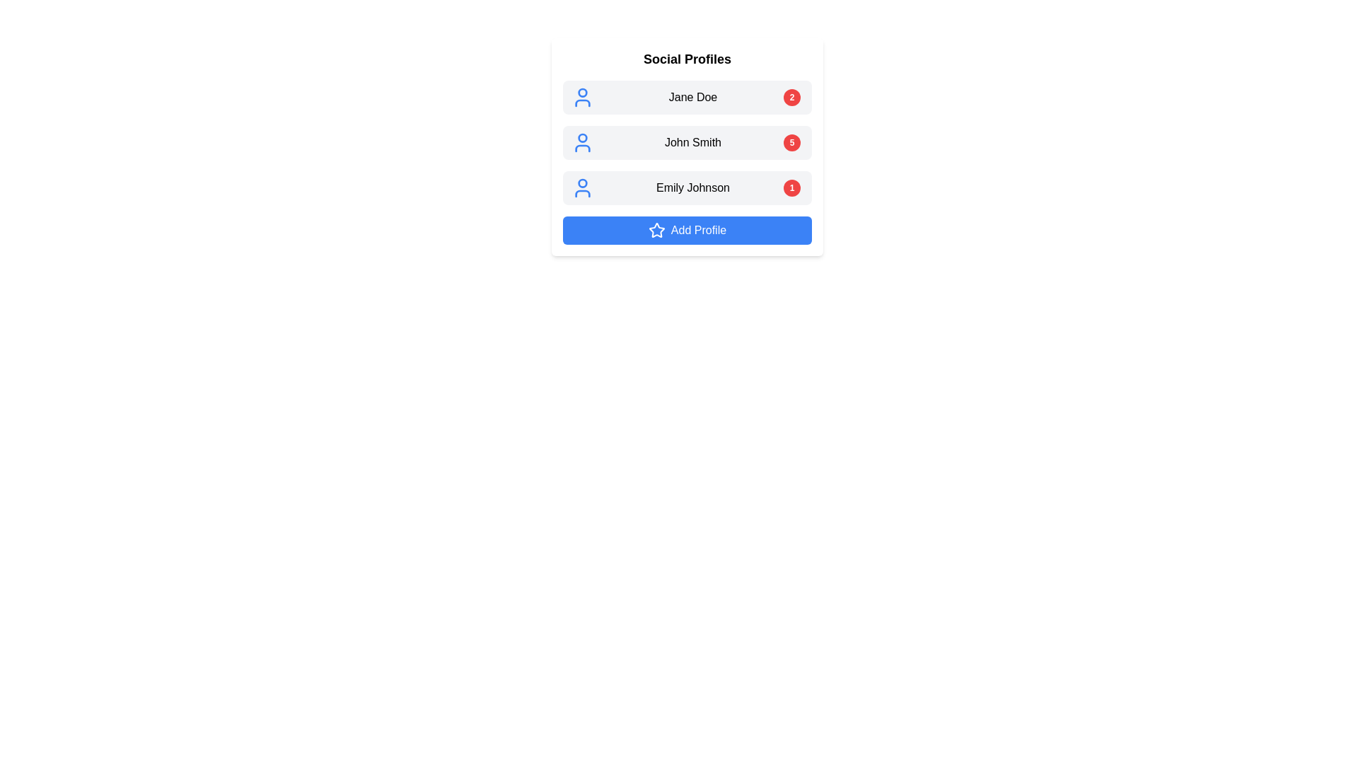 The height and width of the screenshot is (764, 1358). I want to click on the user profile icon representing 'Jane Doe' in the 'Social Profiles' list, so click(583, 97).